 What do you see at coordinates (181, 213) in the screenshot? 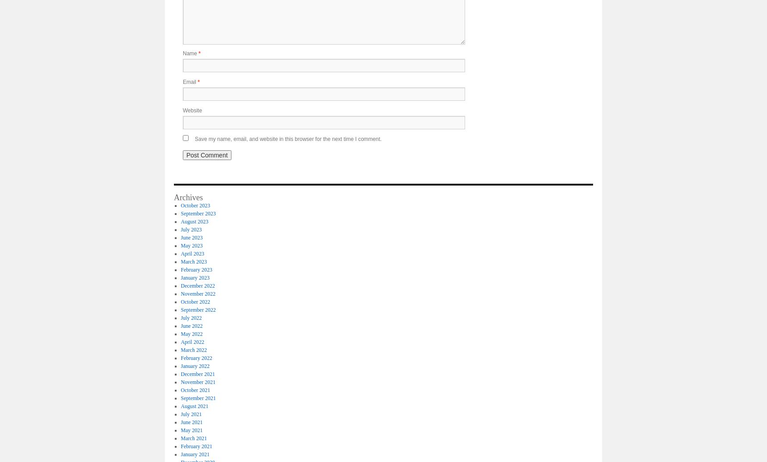
I see `'September 2023'` at bounding box center [181, 213].